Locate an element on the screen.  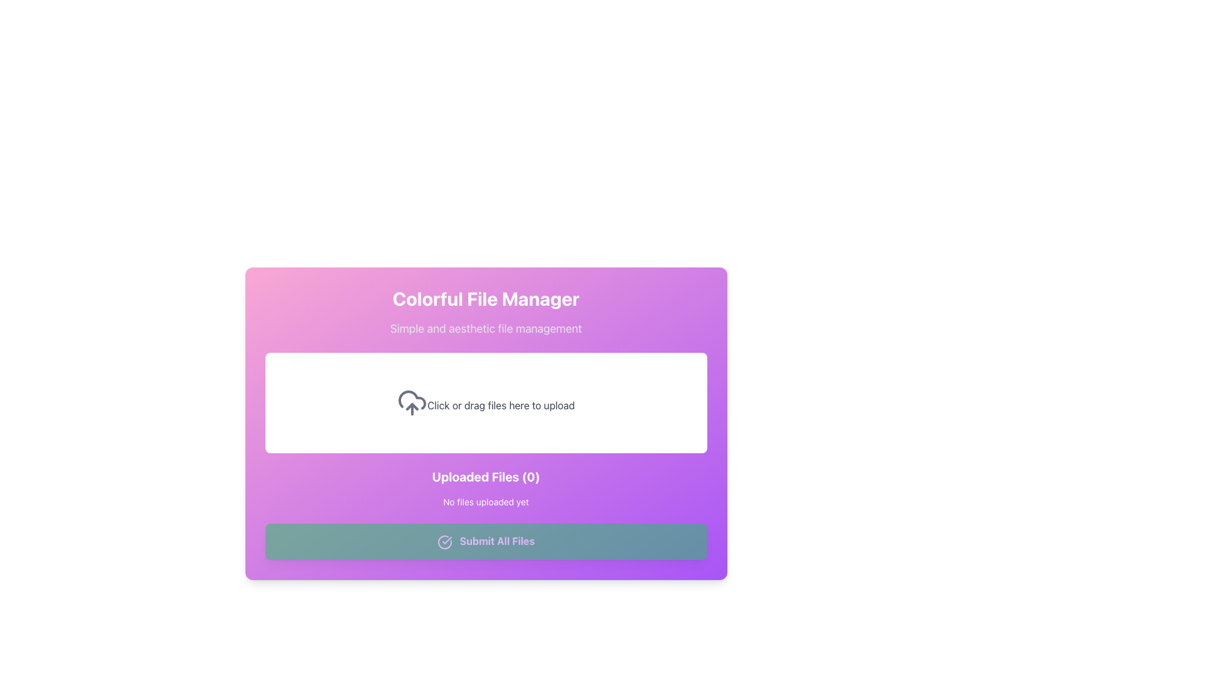
the text label that indicates no files have been uploaded yet, located below the 'Uploaded Files (0)' title and above the 'Submit All Files' button is located at coordinates (485, 501).